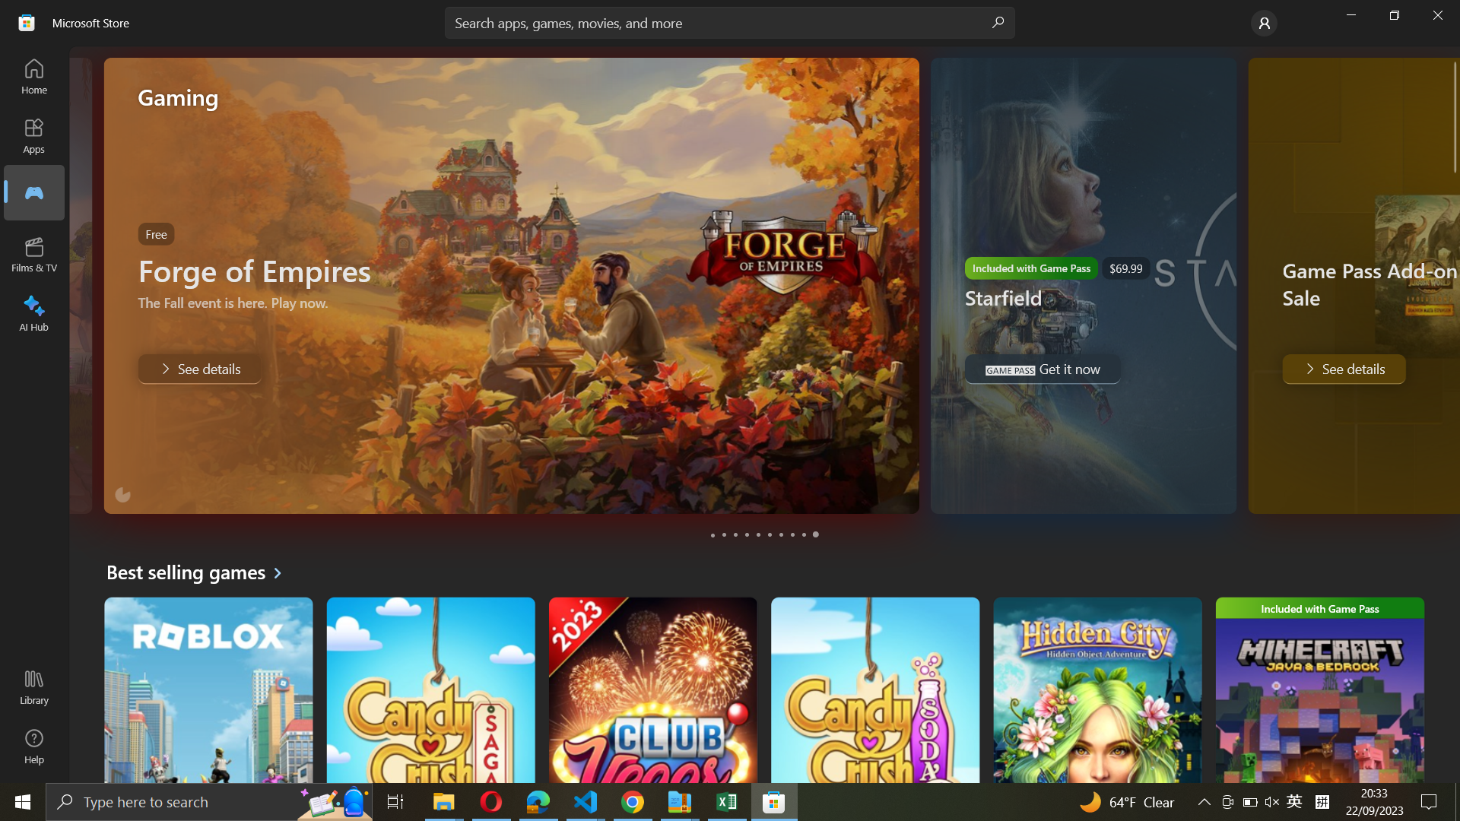  Describe the element at coordinates (199, 572) in the screenshot. I see `top-selling games` at that location.